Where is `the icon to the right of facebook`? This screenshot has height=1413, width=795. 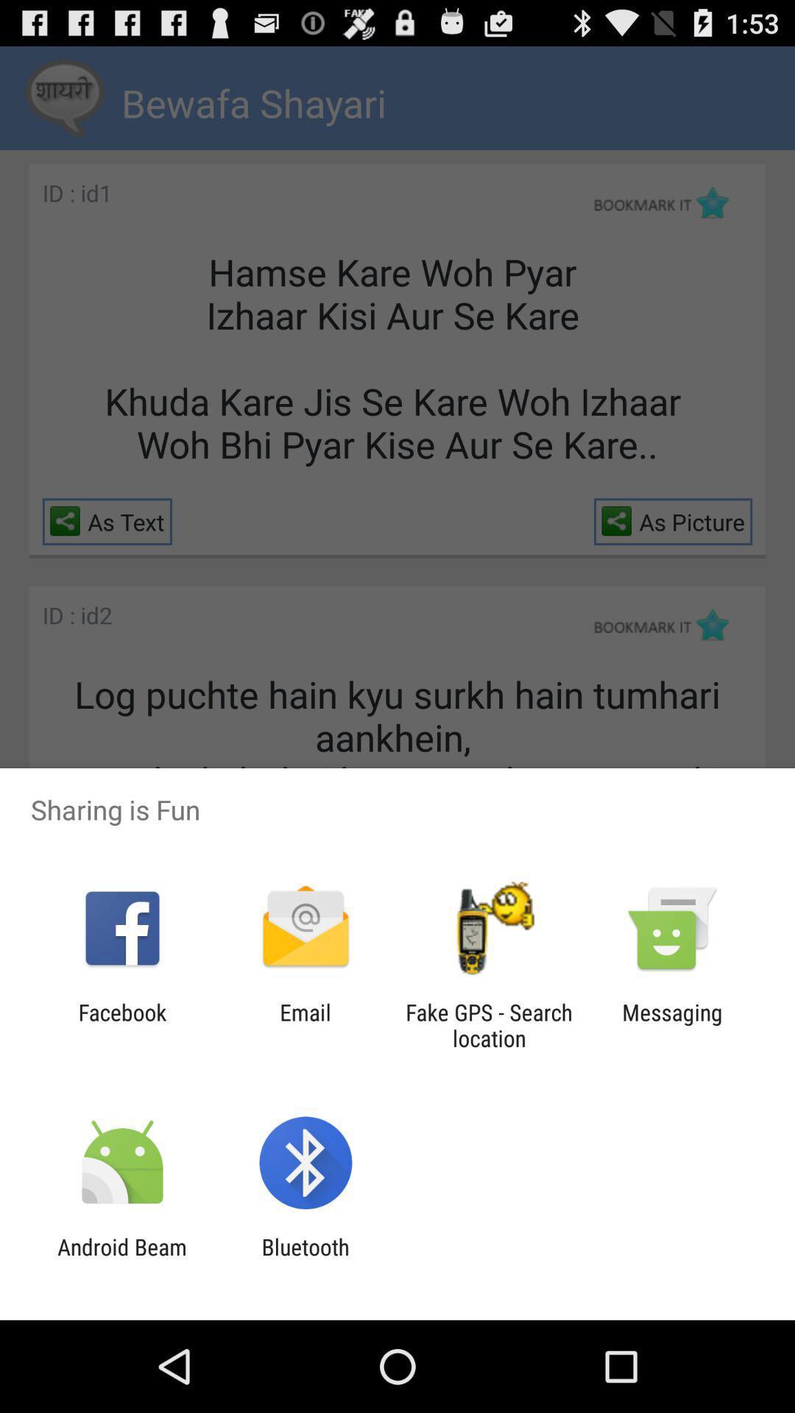 the icon to the right of facebook is located at coordinates (305, 1024).